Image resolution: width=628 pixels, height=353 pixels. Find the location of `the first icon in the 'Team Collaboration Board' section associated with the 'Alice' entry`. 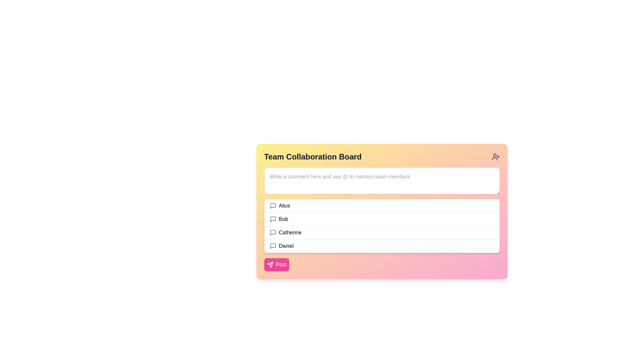

the first icon in the 'Team Collaboration Board' section associated with the 'Alice' entry is located at coordinates (273, 205).